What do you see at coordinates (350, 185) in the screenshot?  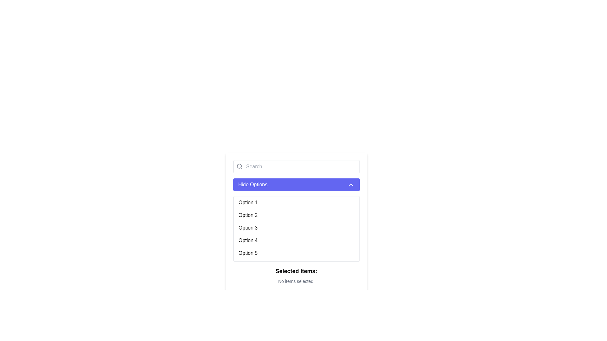 I see `the icon located at the far right end of the blue button labeled 'Hide Options'` at bounding box center [350, 185].